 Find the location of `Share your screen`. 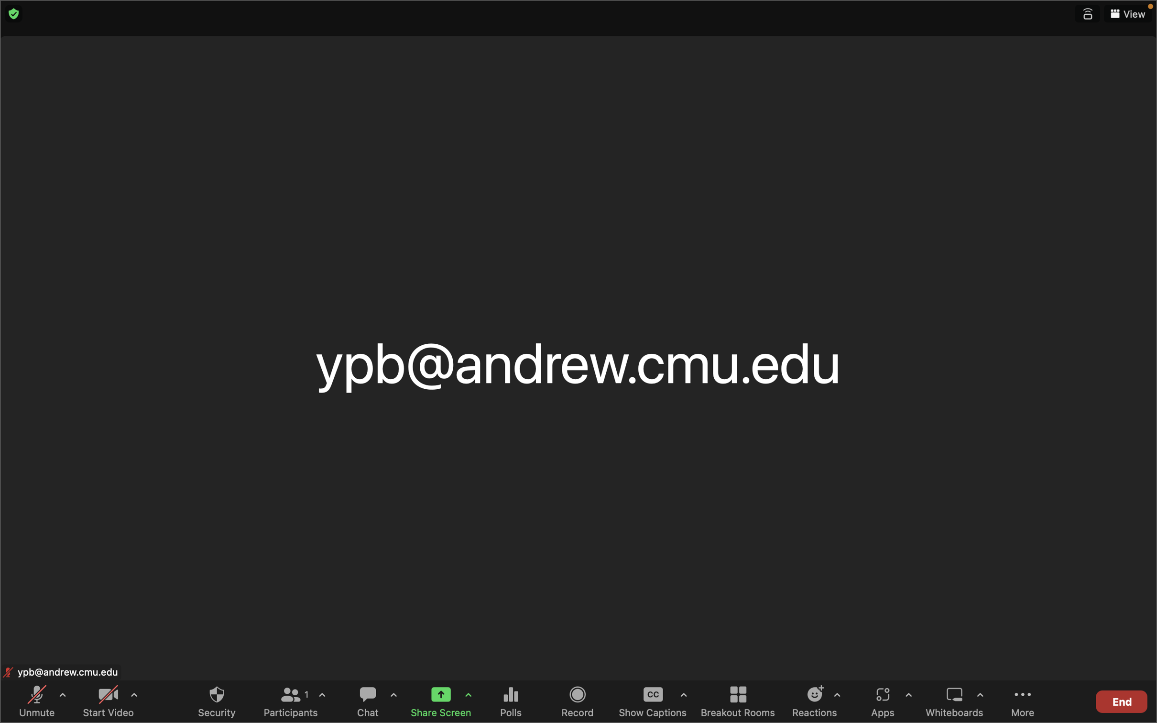

Share your screen is located at coordinates (437, 700).